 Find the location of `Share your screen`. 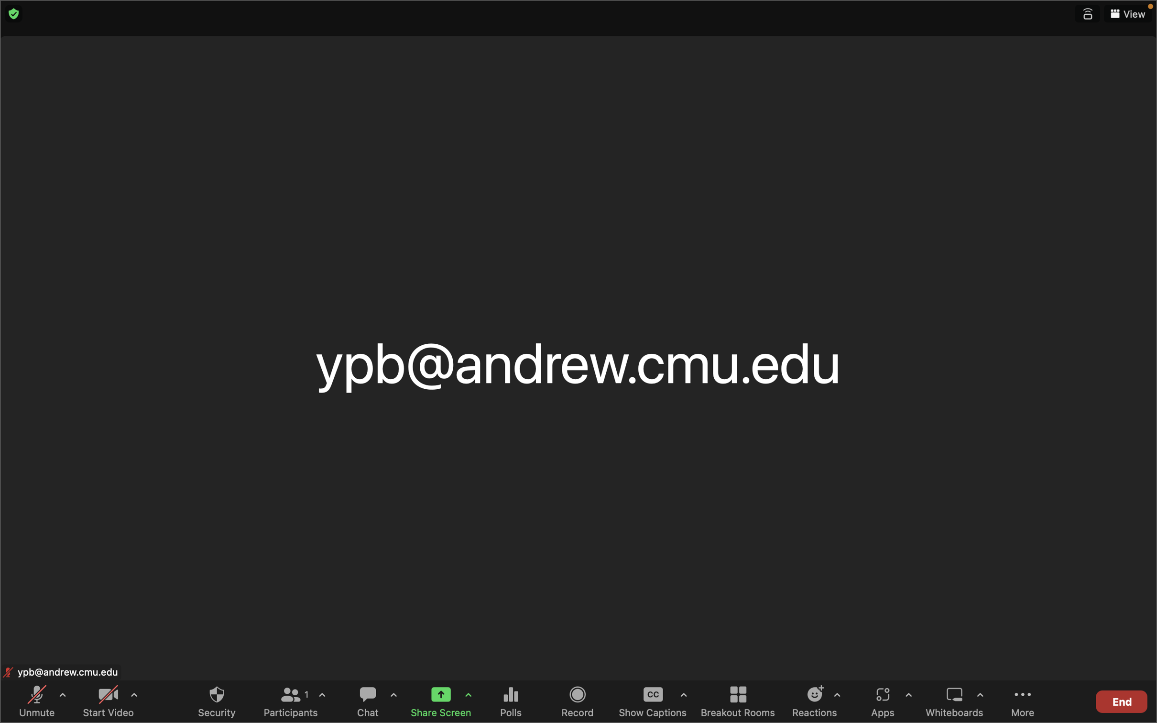

Share your screen is located at coordinates (437, 700).